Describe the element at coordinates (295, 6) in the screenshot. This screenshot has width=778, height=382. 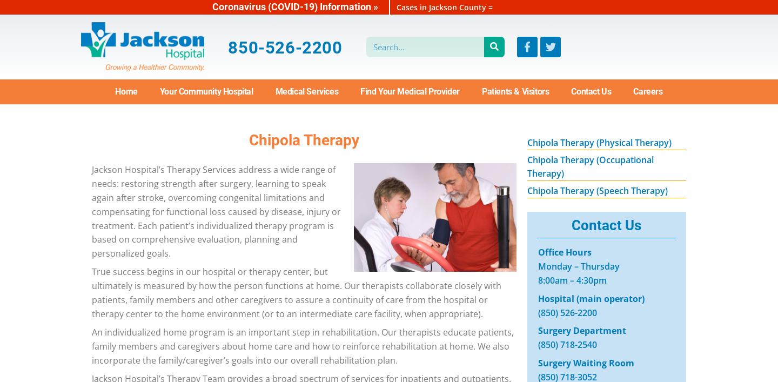
I see `'Coronavirus (COVID-19) Information »'` at that location.